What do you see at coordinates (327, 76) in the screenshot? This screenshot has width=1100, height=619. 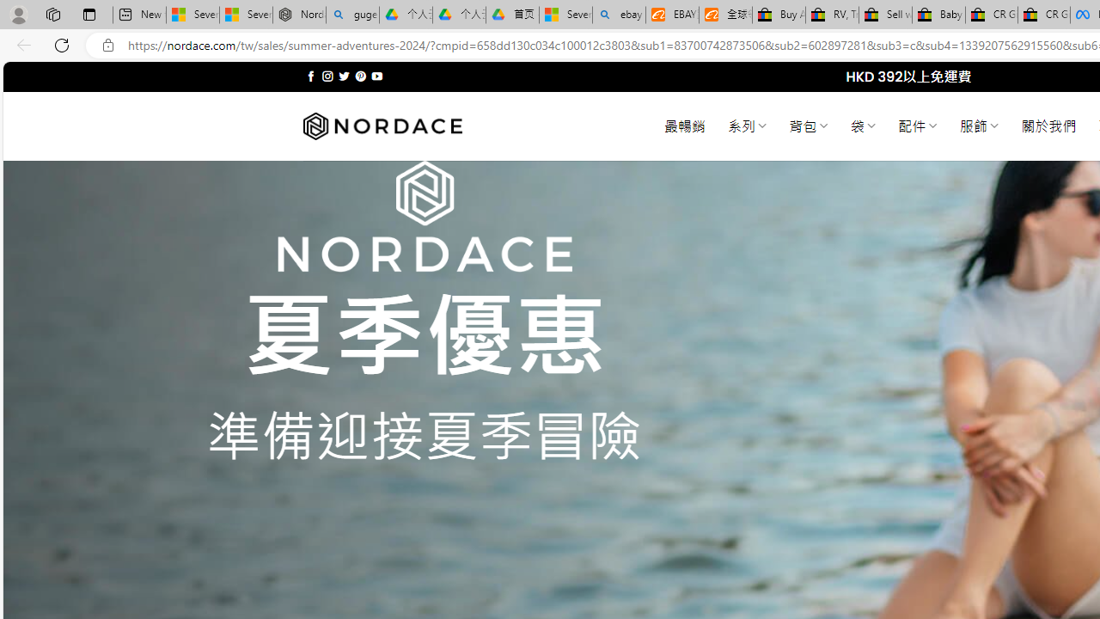 I see `'Follow on Instagram'` at bounding box center [327, 76].